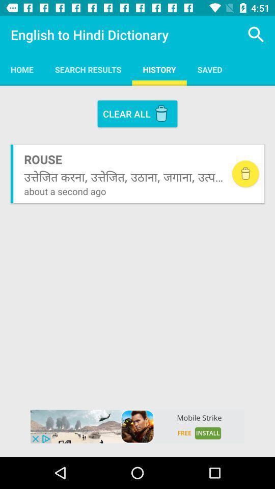 The height and width of the screenshot is (489, 275). What do you see at coordinates (245, 174) in the screenshot?
I see `delete message` at bounding box center [245, 174].